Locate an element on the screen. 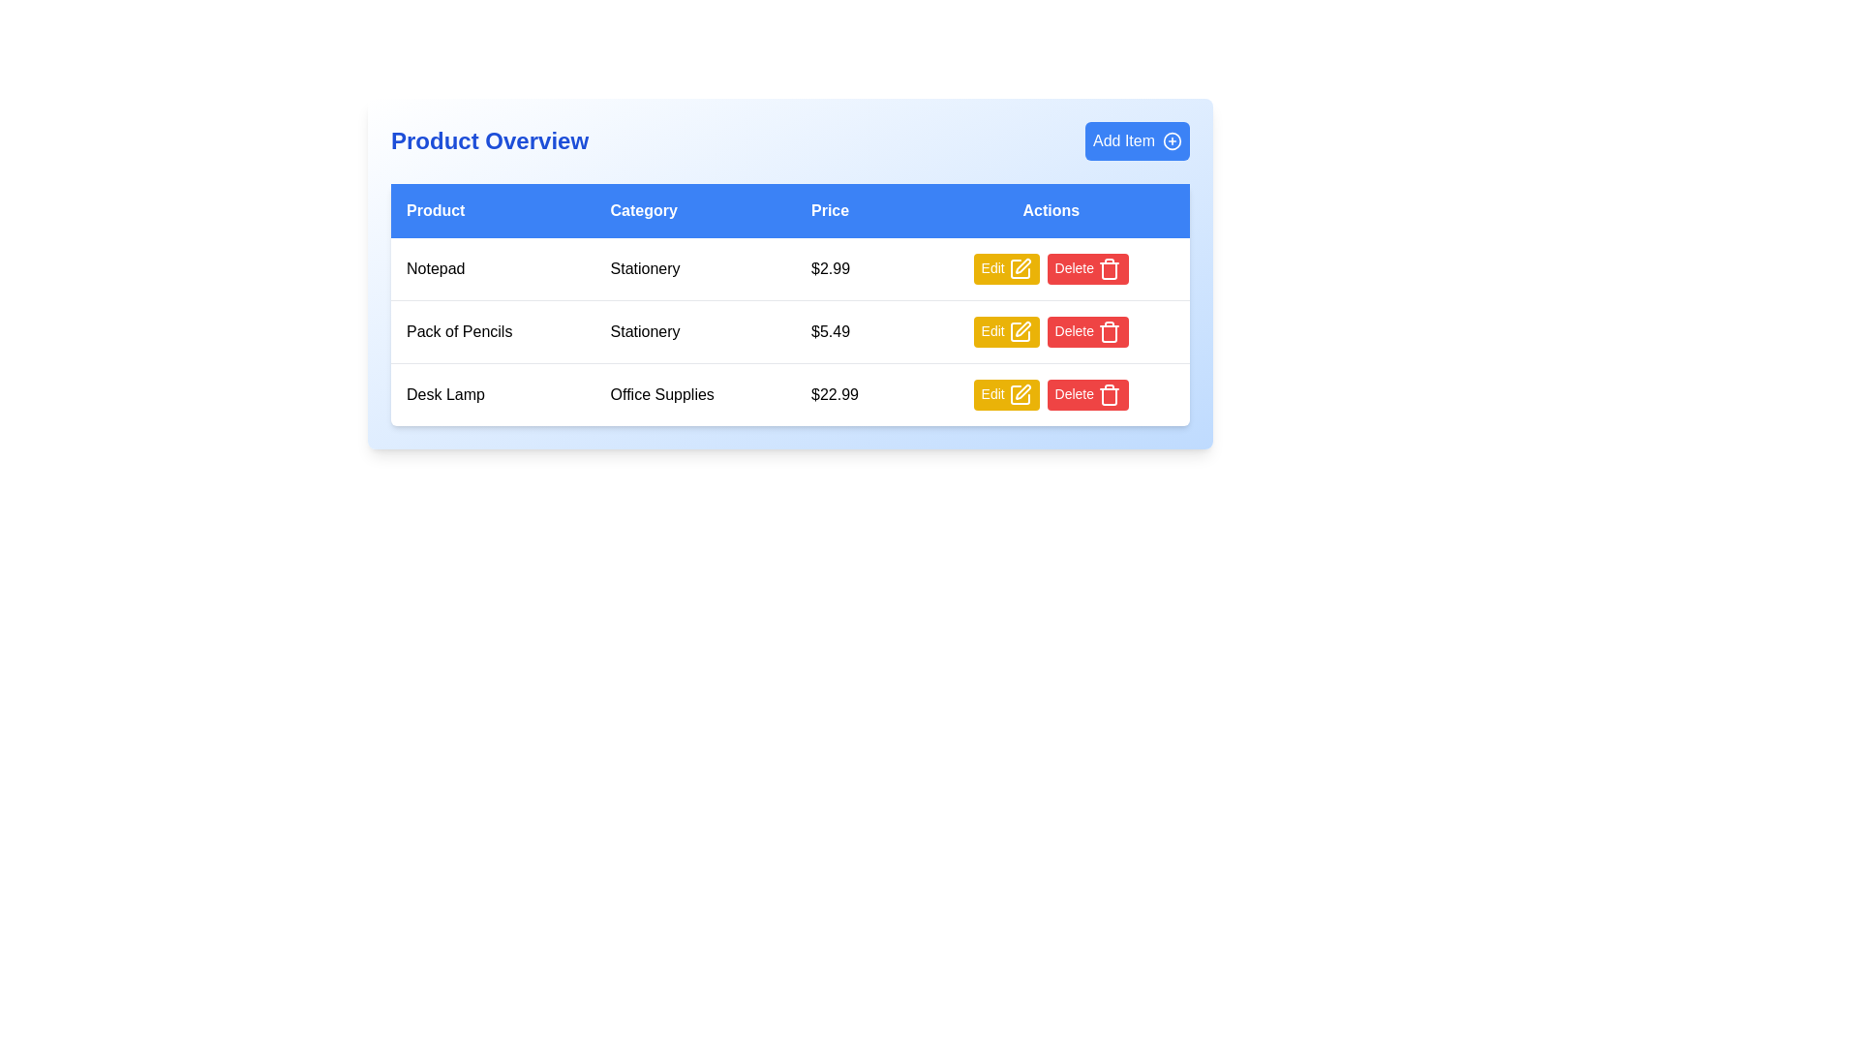  the header text label indicating the actions column in the table, which is located to the right of the 'Price' header is located at coordinates (1050, 211).